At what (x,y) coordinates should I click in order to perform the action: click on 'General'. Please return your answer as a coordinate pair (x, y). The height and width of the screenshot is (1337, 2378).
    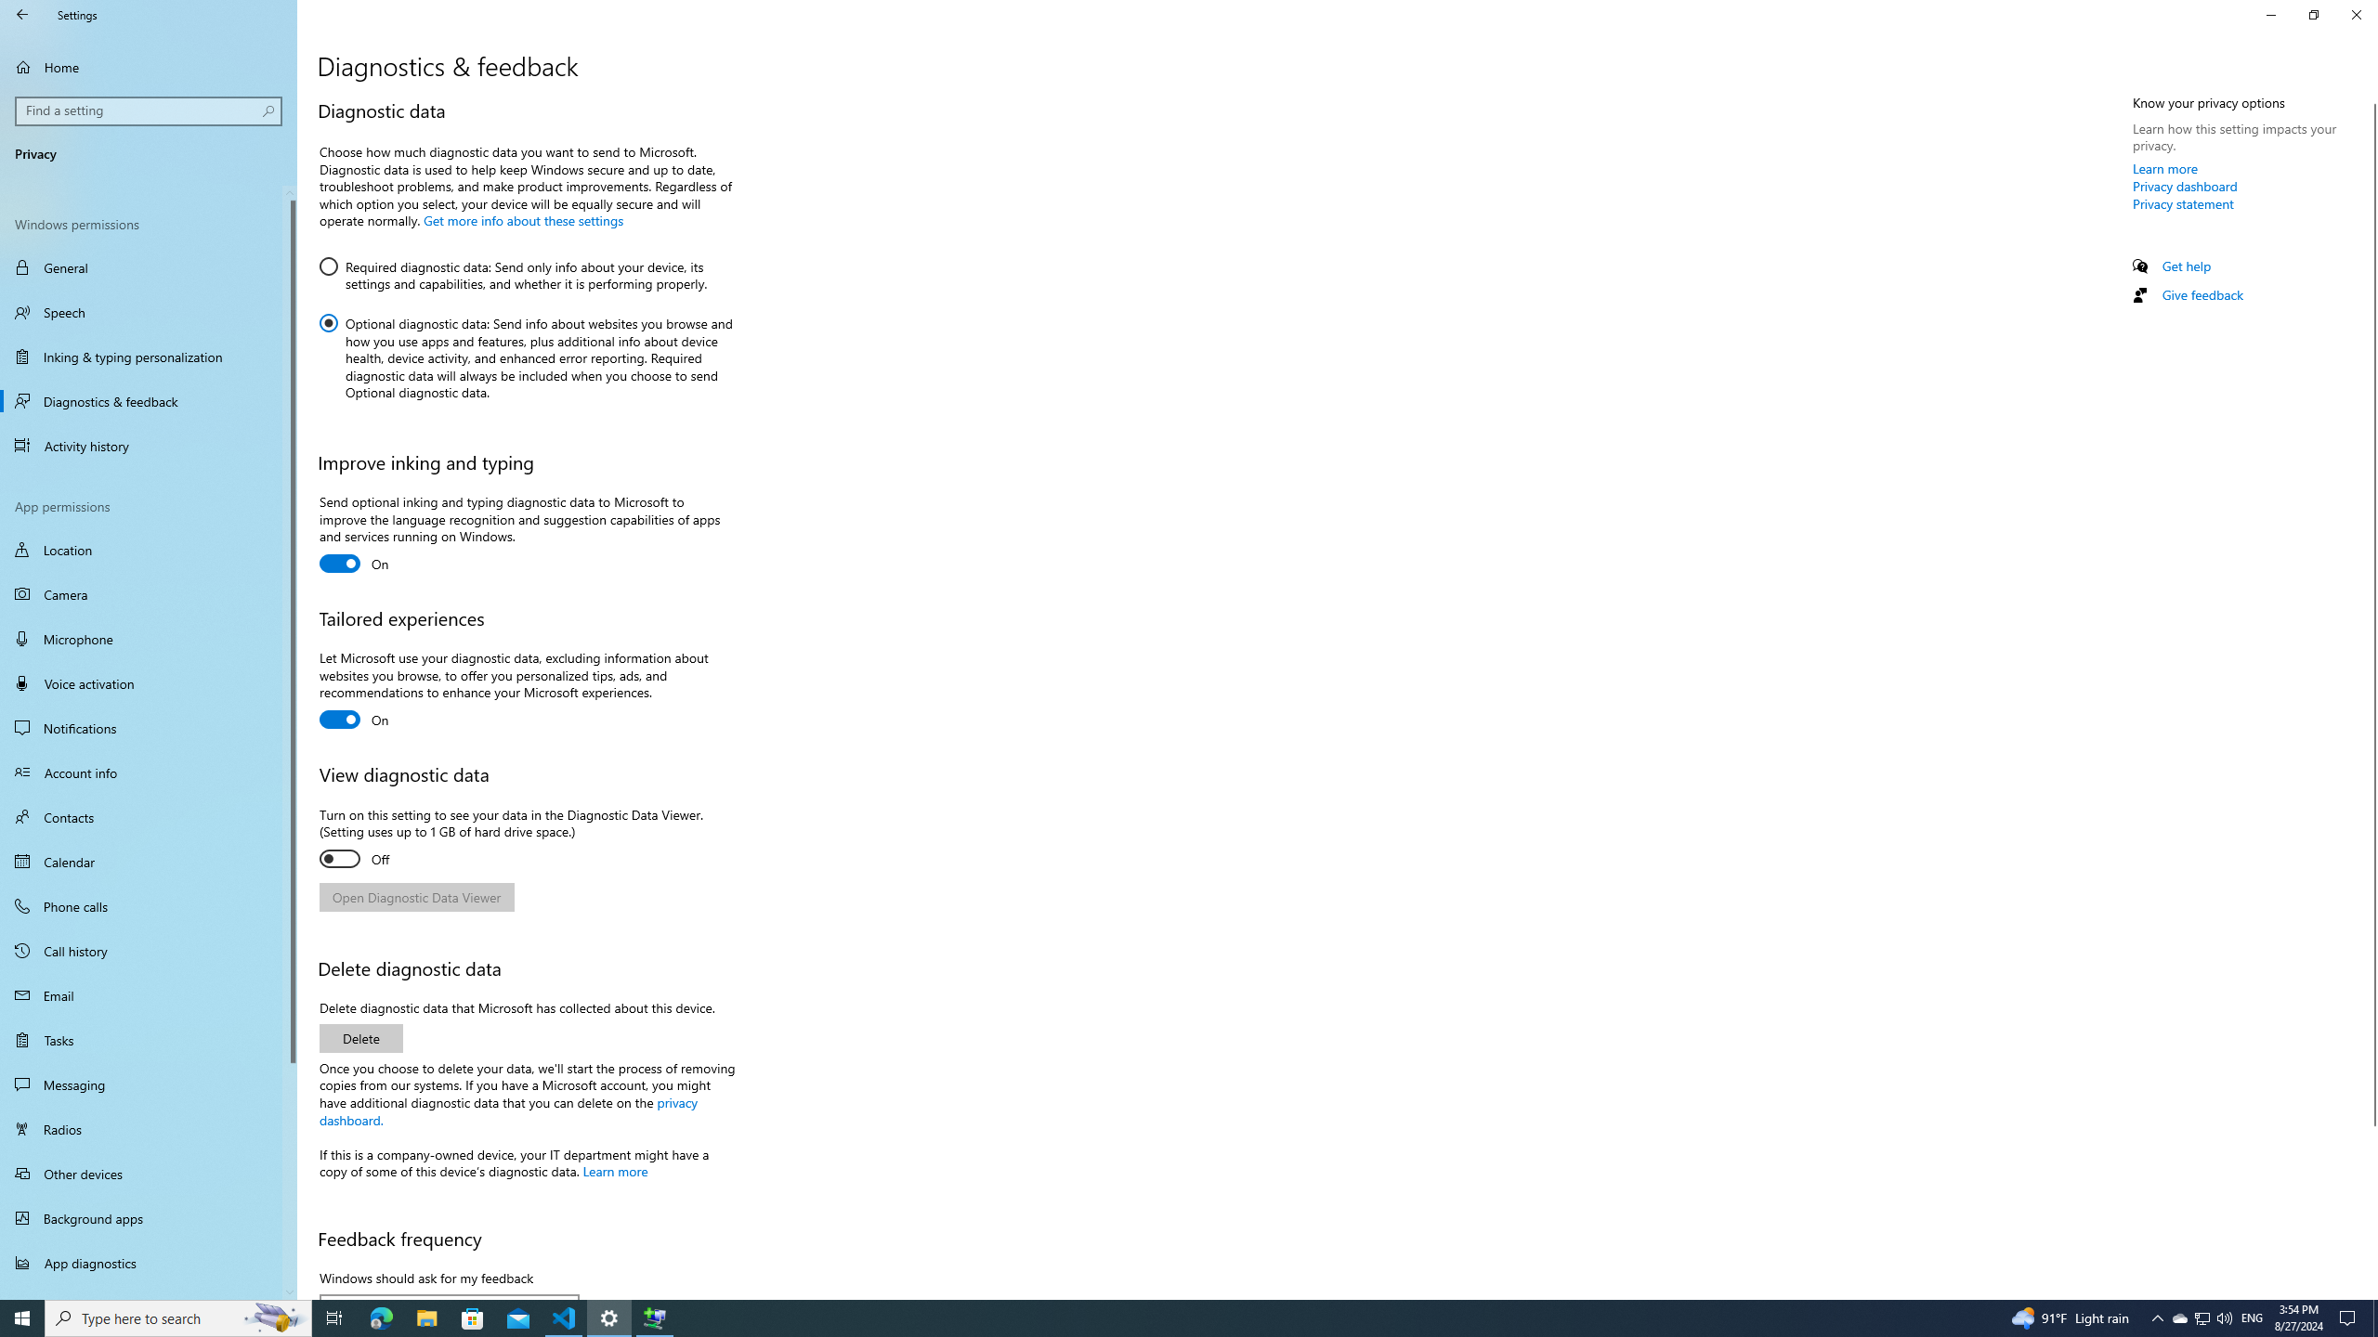
    Looking at the image, I should click on (148, 266).